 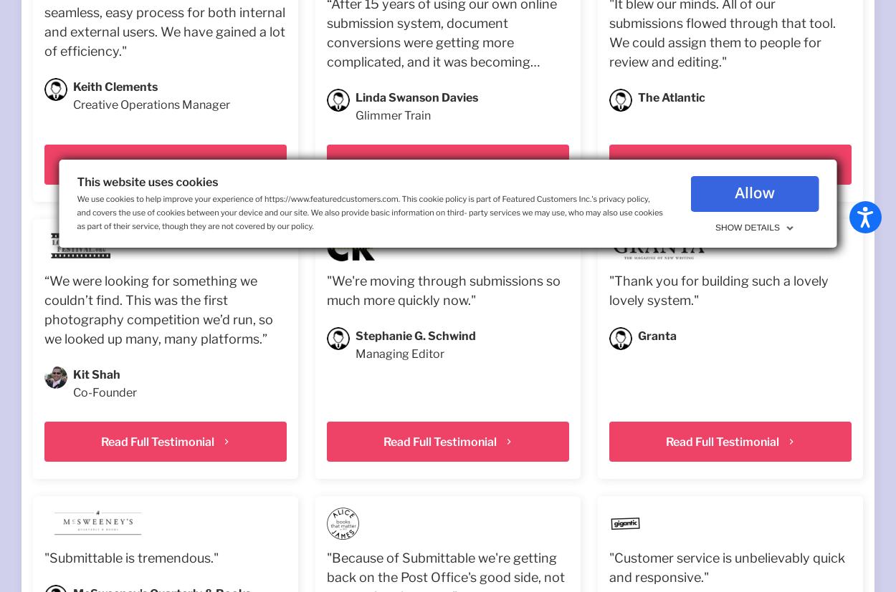 I want to click on 'Co-Founder', so click(x=72, y=392).